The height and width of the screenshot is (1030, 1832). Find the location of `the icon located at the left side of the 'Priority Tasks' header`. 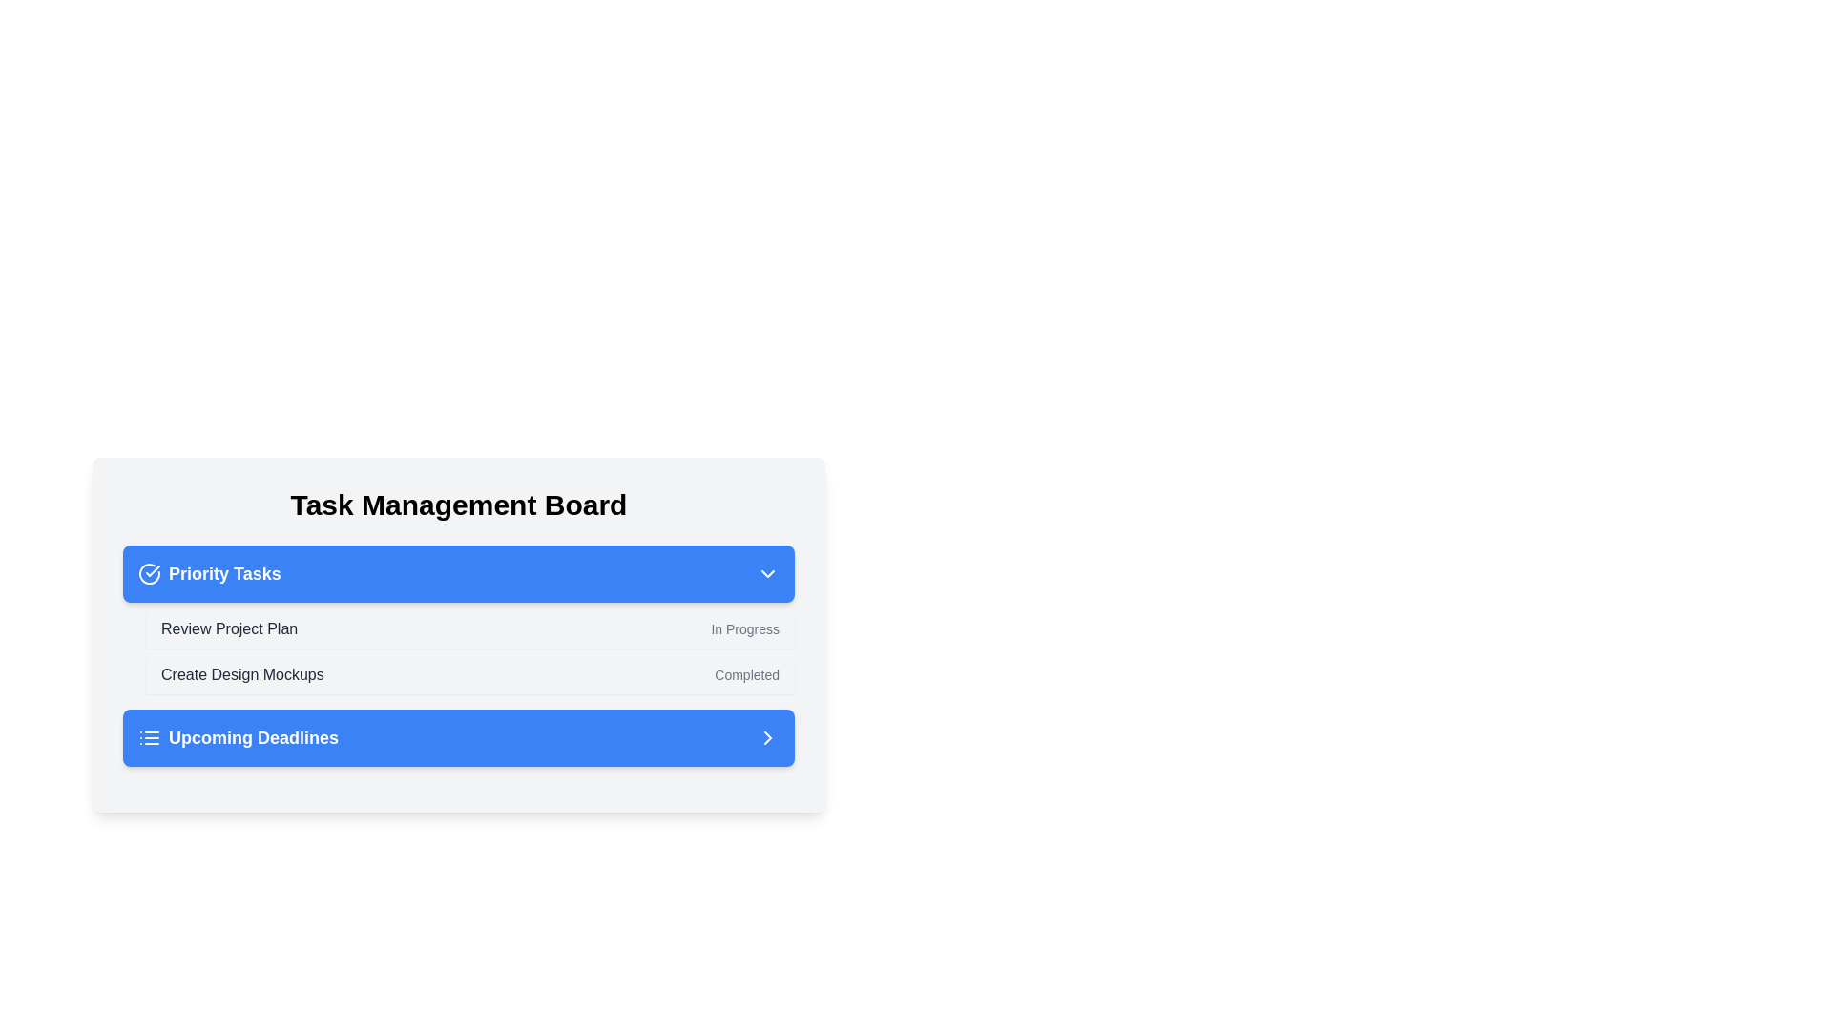

the icon located at the left side of the 'Priority Tasks' header is located at coordinates (149, 572).